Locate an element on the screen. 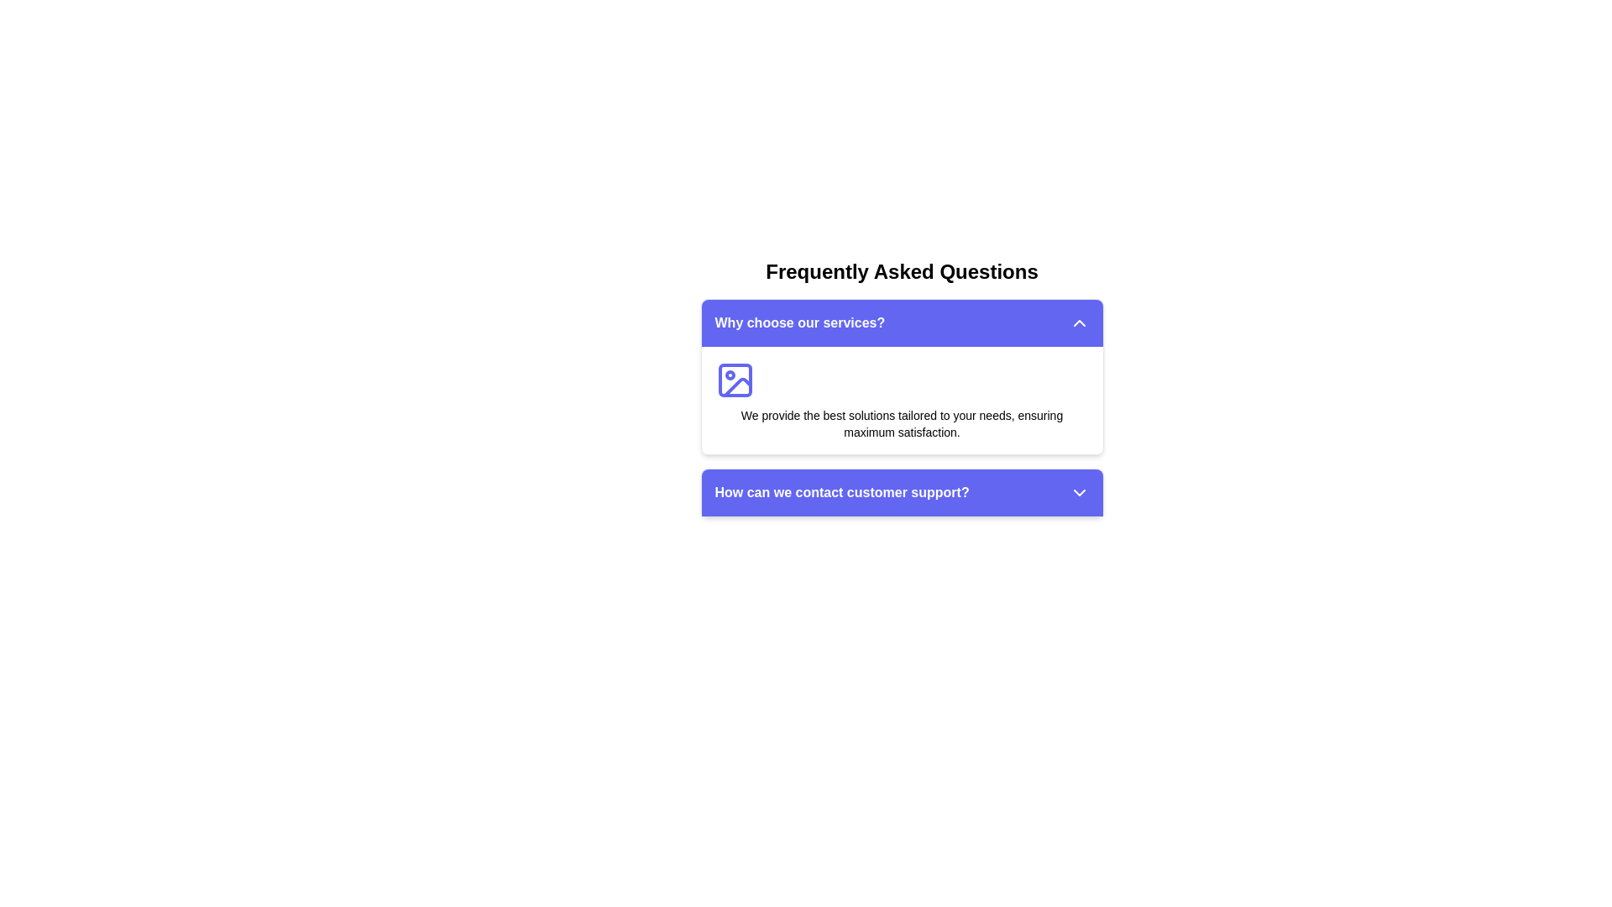 This screenshot has width=1612, height=907. the text label that reads 'How can we contact customer support?', which is styled with a bold font and located in the FAQ dropdown header is located at coordinates (842, 491).